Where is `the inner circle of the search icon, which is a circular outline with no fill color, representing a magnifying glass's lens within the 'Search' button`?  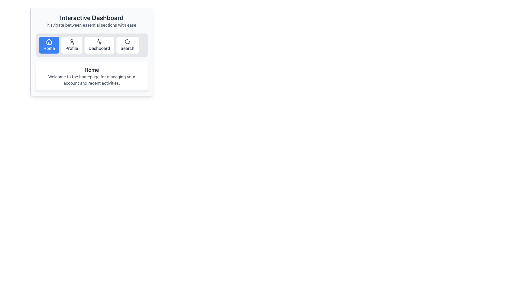
the inner circle of the search icon, which is a circular outline with no fill color, representing a magnifying glass's lens within the 'Search' button is located at coordinates (127, 41).